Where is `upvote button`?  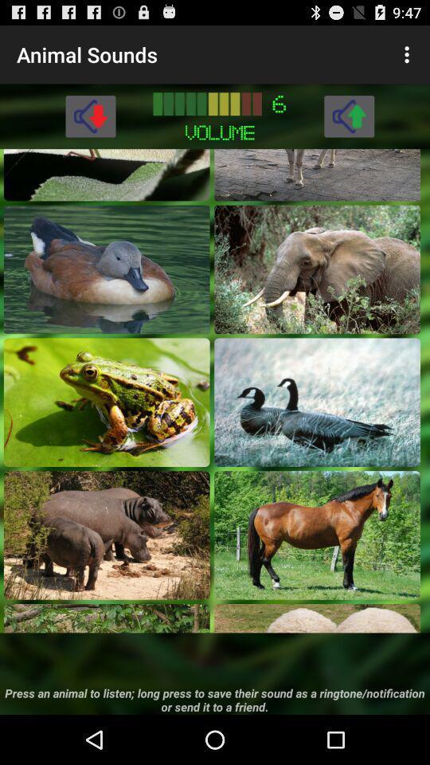 upvote button is located at coordinates (348, 115).